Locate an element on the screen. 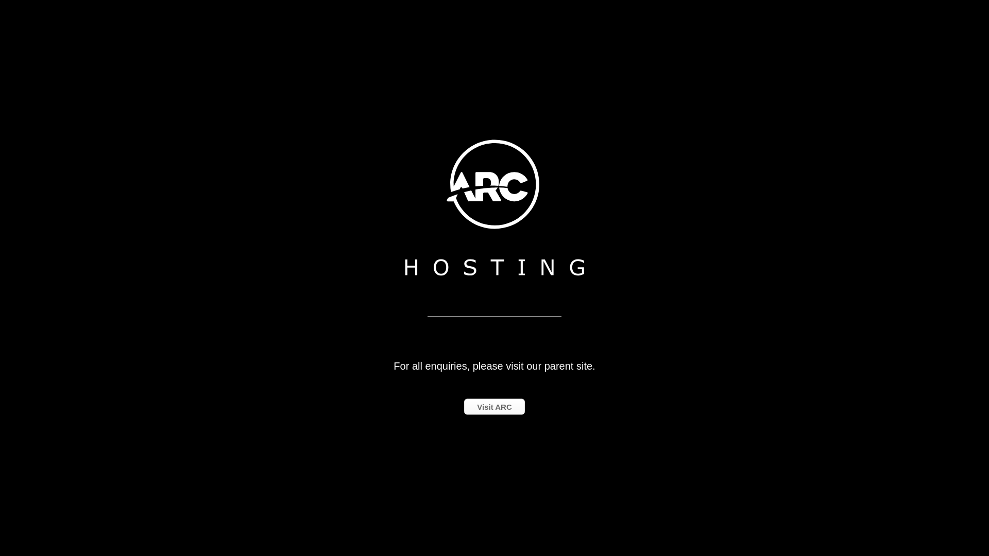  'Visit ARC' is located at coordinates (494, 406).